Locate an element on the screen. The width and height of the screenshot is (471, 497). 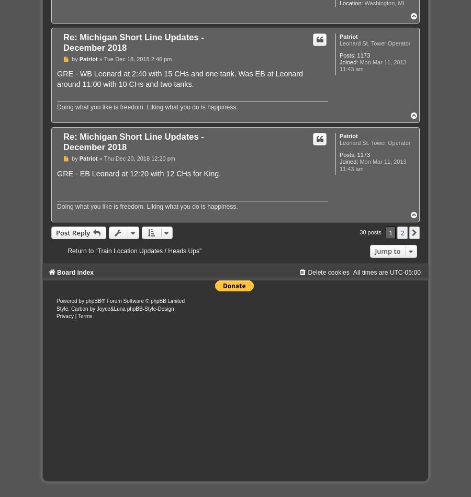
'Return to “Train Location Updates / Heads Ups”' is located at coordinates (134, 251).